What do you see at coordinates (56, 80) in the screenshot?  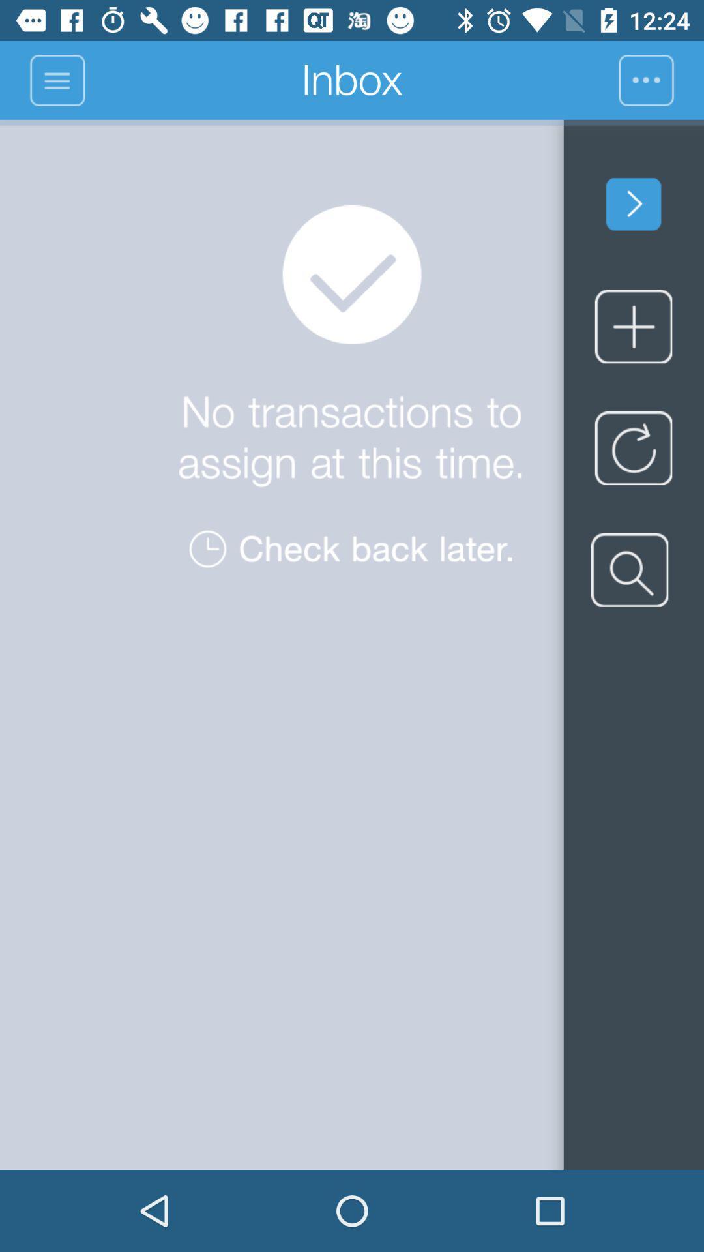 I see `the item next to the inbox` at bounding box center [56, 80].